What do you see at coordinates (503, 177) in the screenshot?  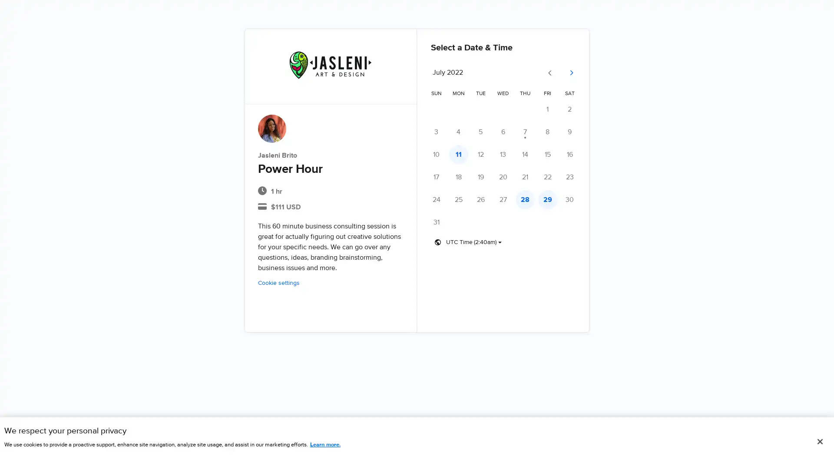 I see `Wednesday, July 20 - No times available` at bounding box center [503, 177].